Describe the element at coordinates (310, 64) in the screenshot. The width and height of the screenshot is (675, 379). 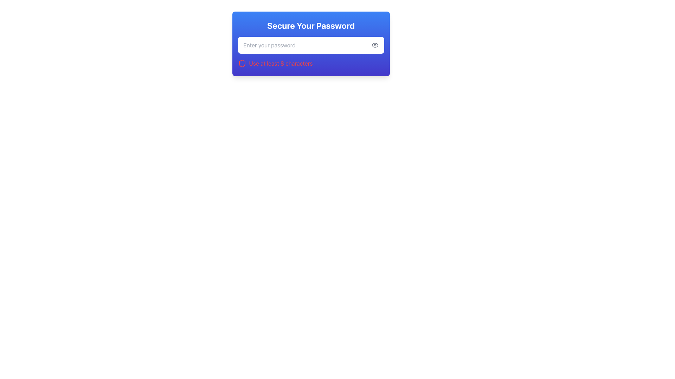
I see `the Text Label with an Icon that provides guidelines for password format, located below the 'Secure Your Password' heading and aligned leftmost within the card` at that location.